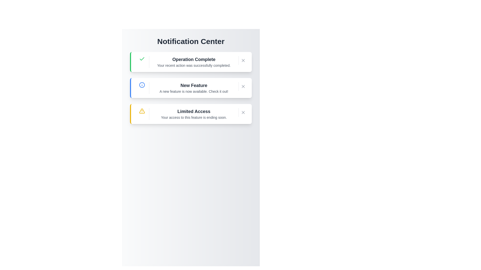 This screenshot has height=270, width=481. What do you see at coordinates (142, 84) in the screenshot?
I see `the circular vector graphic element with a blue outline that is part of the informational icon in the second notification card titled 'New Feature'` at bounding box center [142, 84].